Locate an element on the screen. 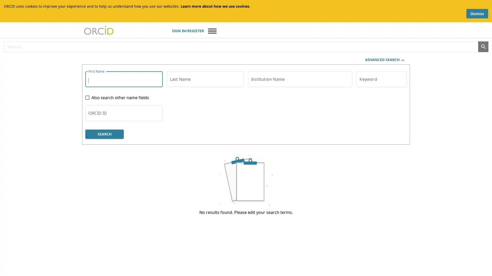  MEMBERSHIP is located at coordinates (184, 58).